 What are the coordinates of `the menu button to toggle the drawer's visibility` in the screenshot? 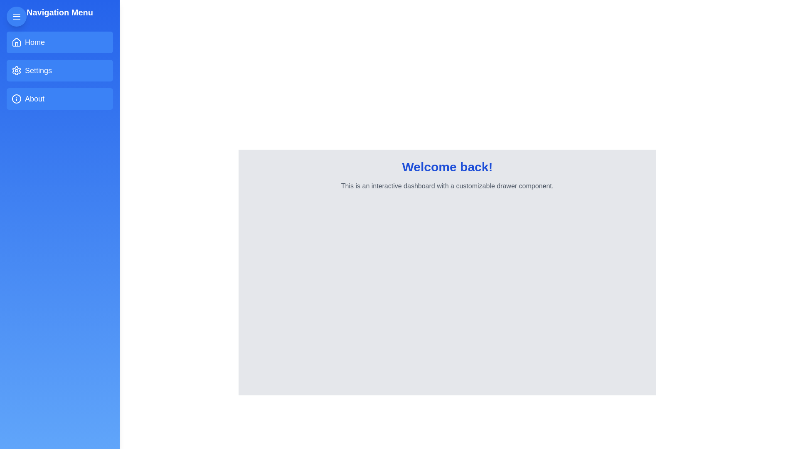 It's located at (16, 16).